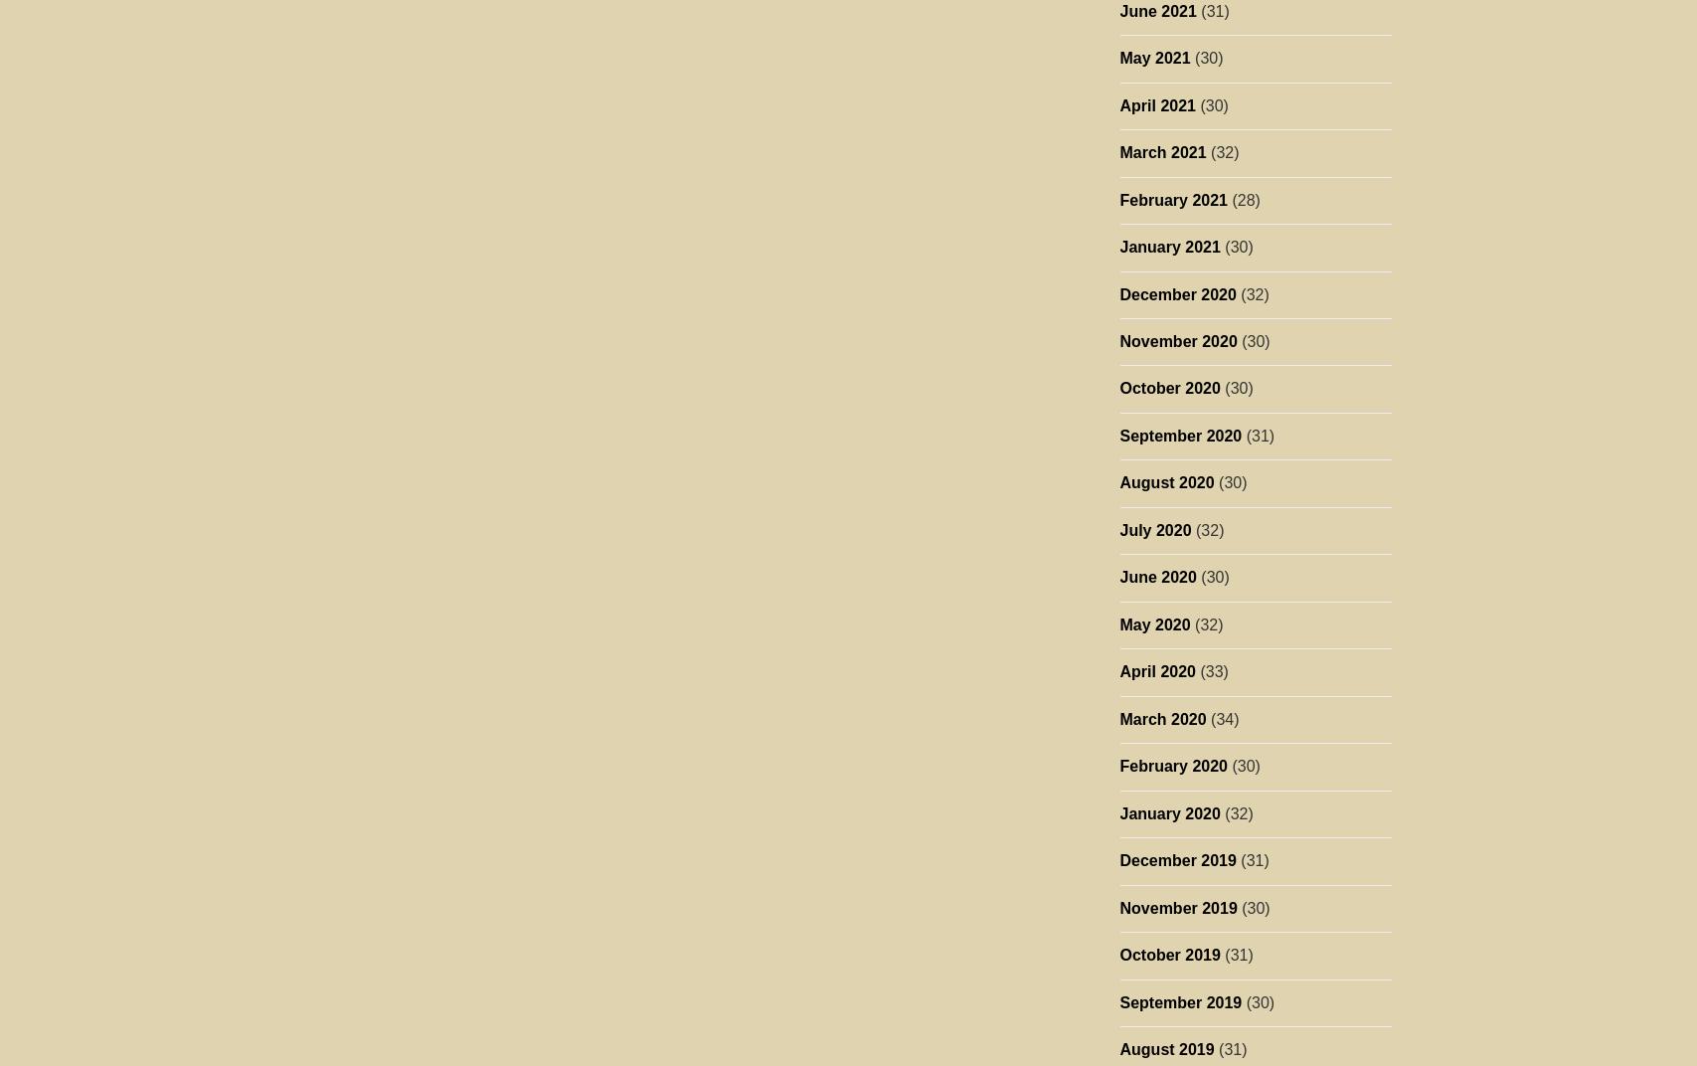  What do you see at coordinates (1161, 717) in the screenshot?
I see `'March 2020'` at bounding box center [1161, 717].